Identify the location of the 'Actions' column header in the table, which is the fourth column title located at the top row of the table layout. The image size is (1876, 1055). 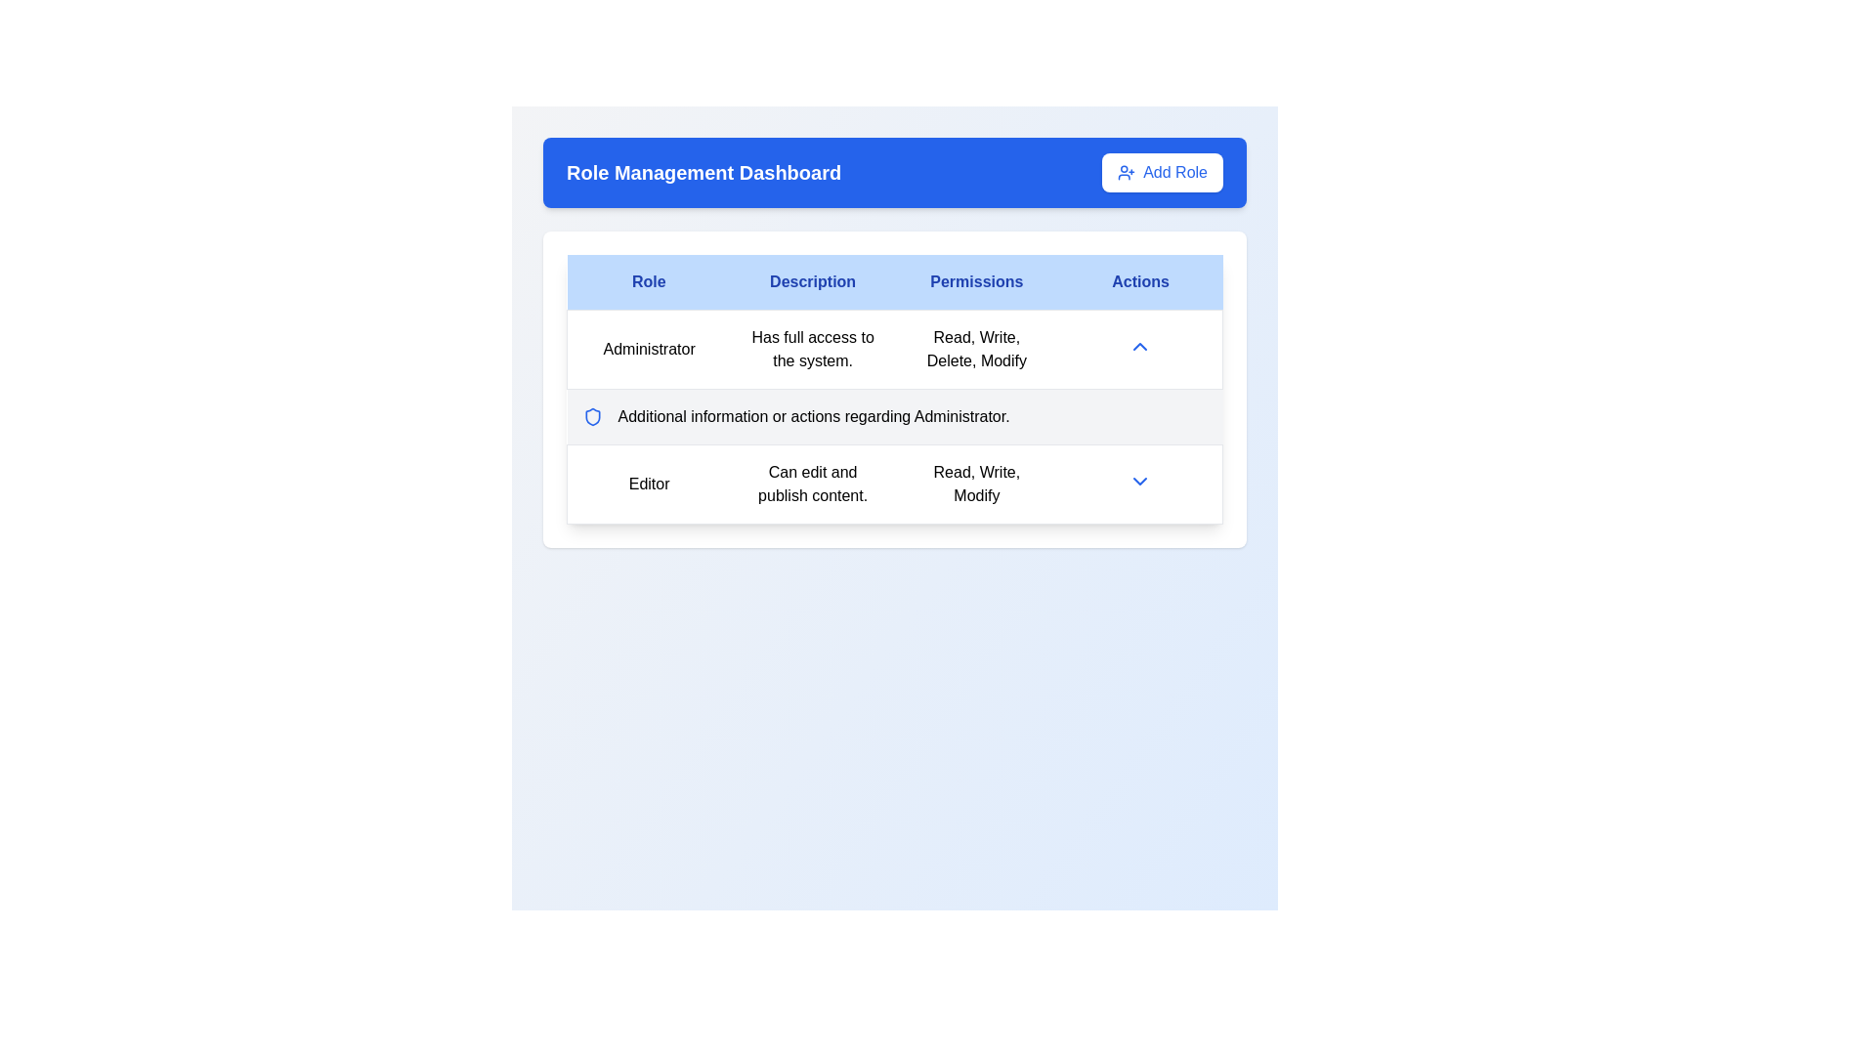
(1140, 282).